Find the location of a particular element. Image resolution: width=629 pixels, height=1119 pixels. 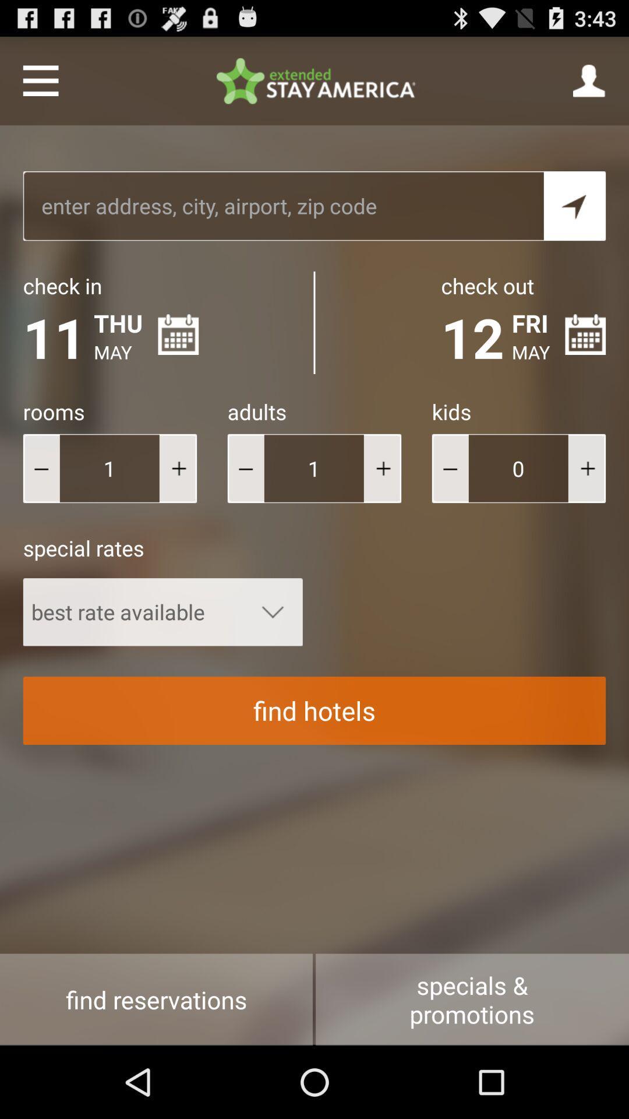

calender is located at coordinates (585, 334).